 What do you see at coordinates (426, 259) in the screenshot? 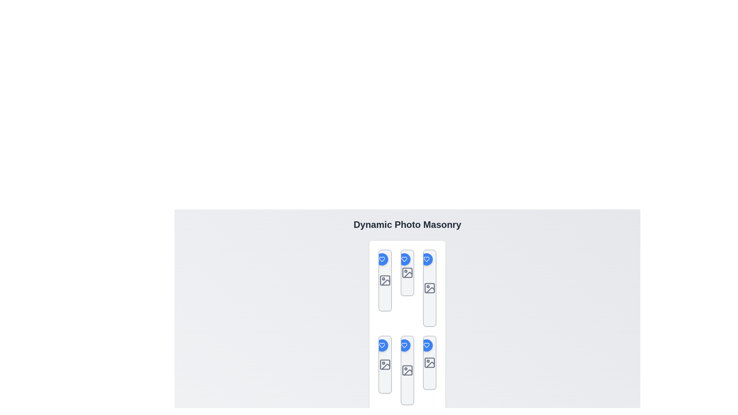
I see `the heart icon located` at bounding box center [426, 259].